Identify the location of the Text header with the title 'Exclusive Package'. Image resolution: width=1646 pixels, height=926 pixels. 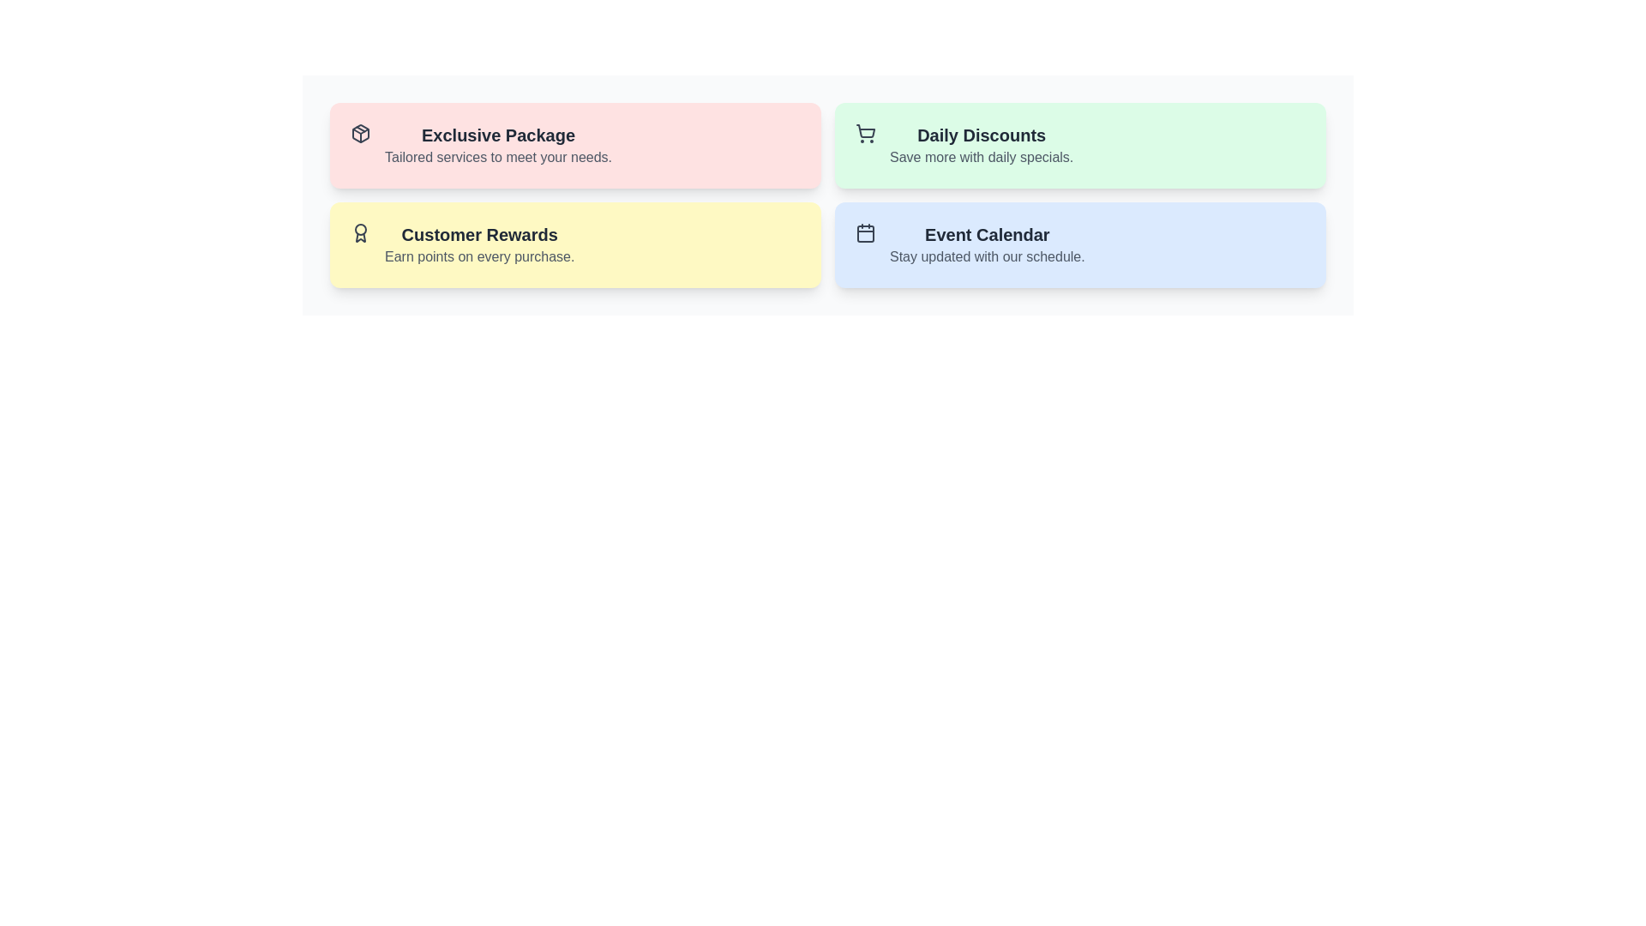
(497, 144).